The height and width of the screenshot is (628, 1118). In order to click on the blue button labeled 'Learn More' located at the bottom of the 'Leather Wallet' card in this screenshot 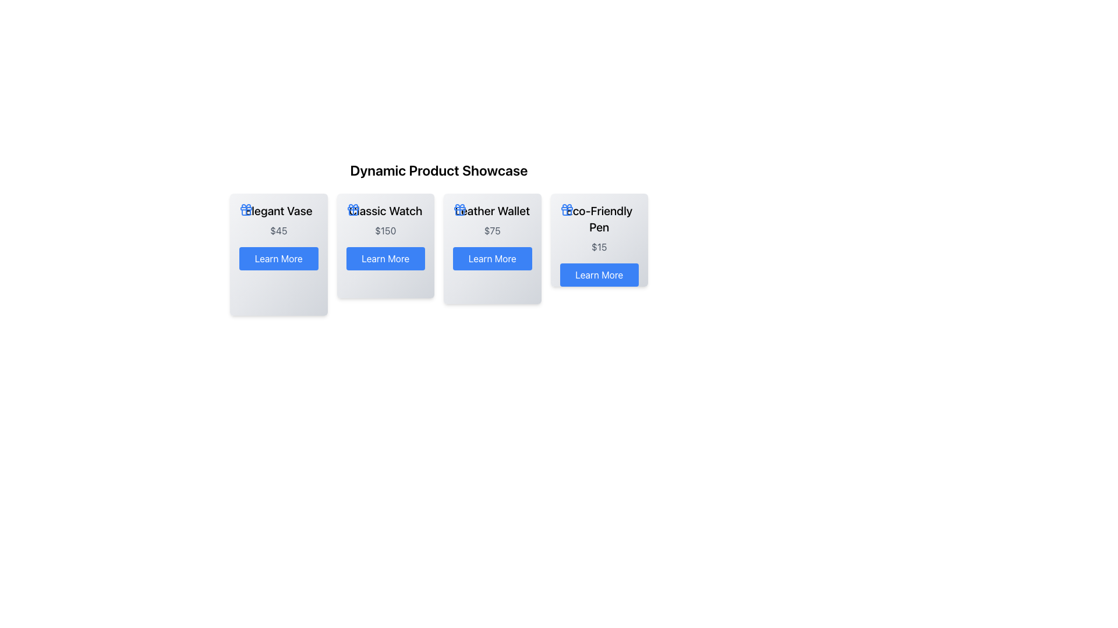, I will do `click(492, 258)`.